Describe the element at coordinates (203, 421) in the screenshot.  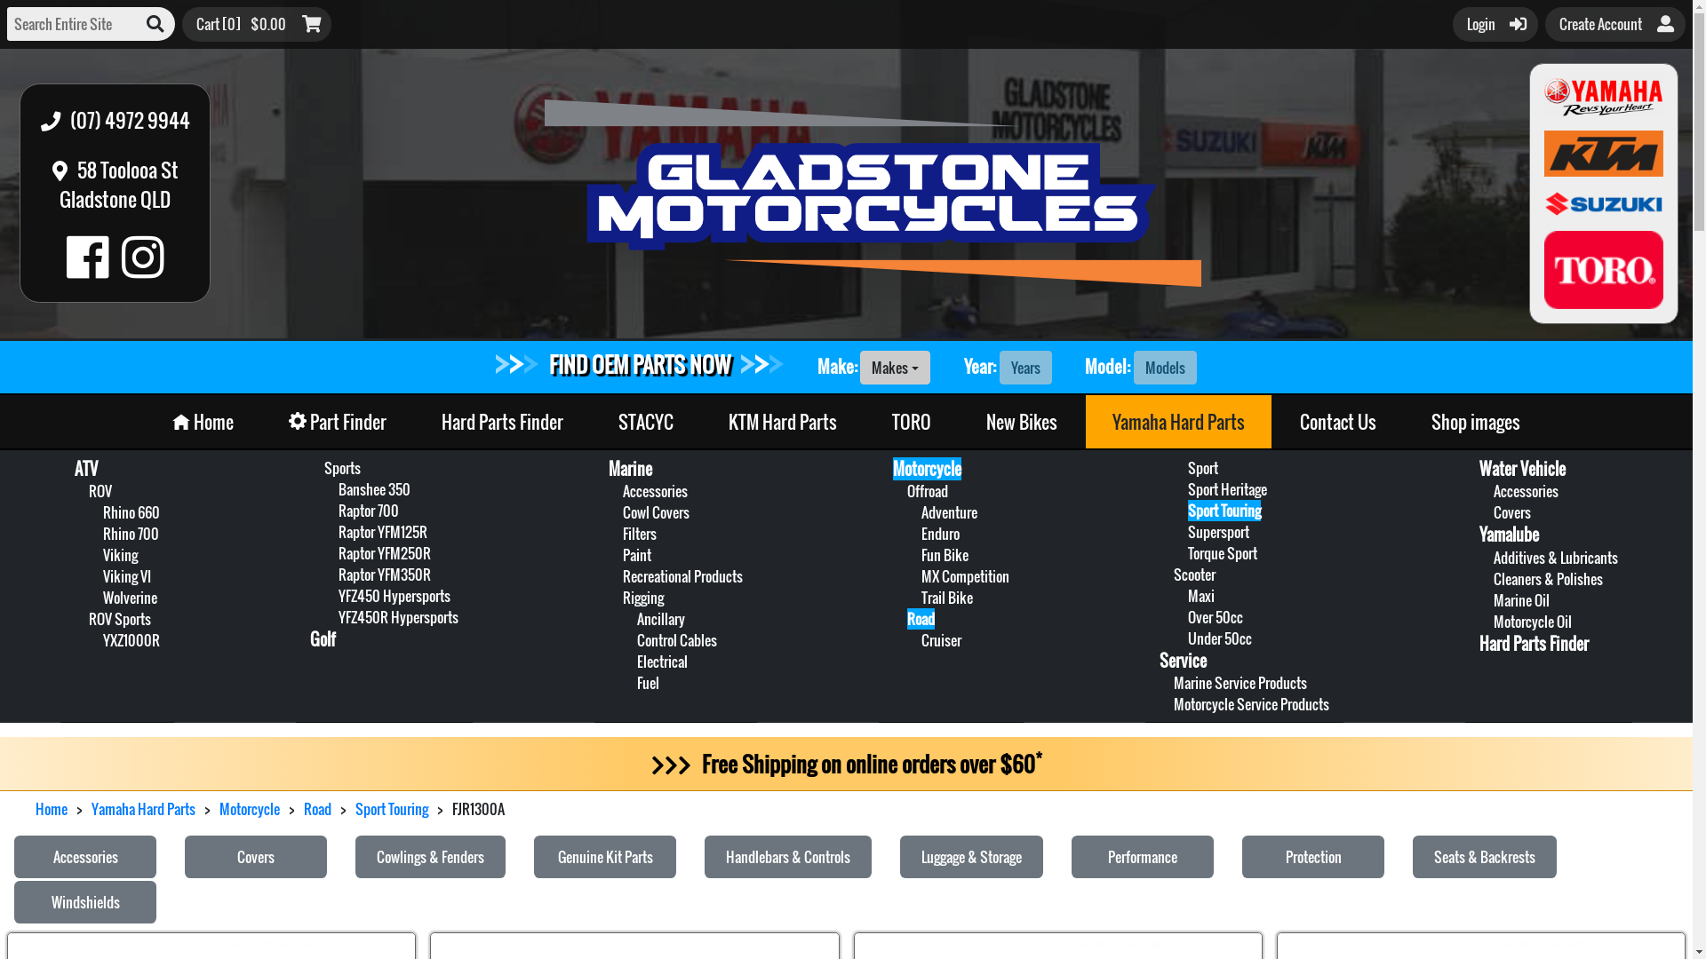
I see `'Home'` at that location.